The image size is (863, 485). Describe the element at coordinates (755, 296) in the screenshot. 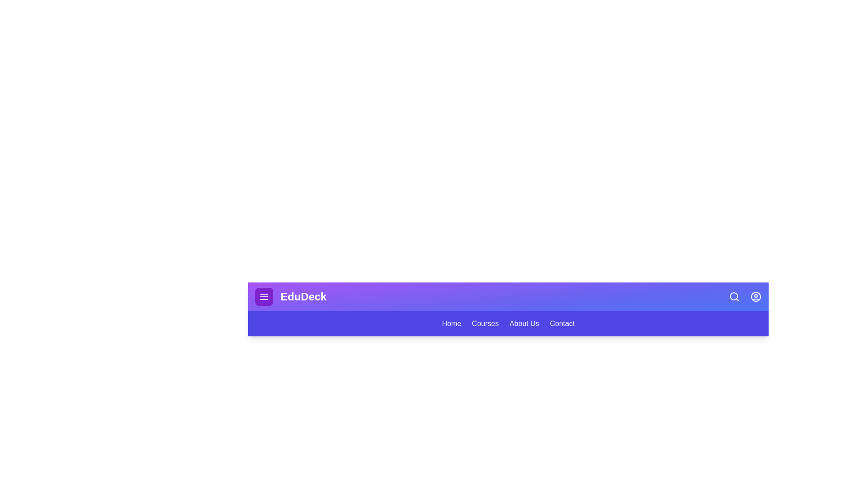

I see `the user profile icon to open the profile menu` at that location.